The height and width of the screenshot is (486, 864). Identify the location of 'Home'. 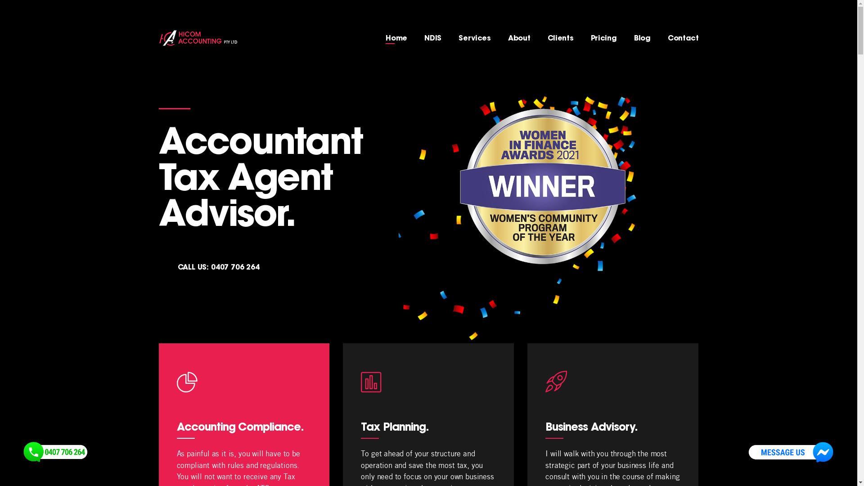
(396, 38).